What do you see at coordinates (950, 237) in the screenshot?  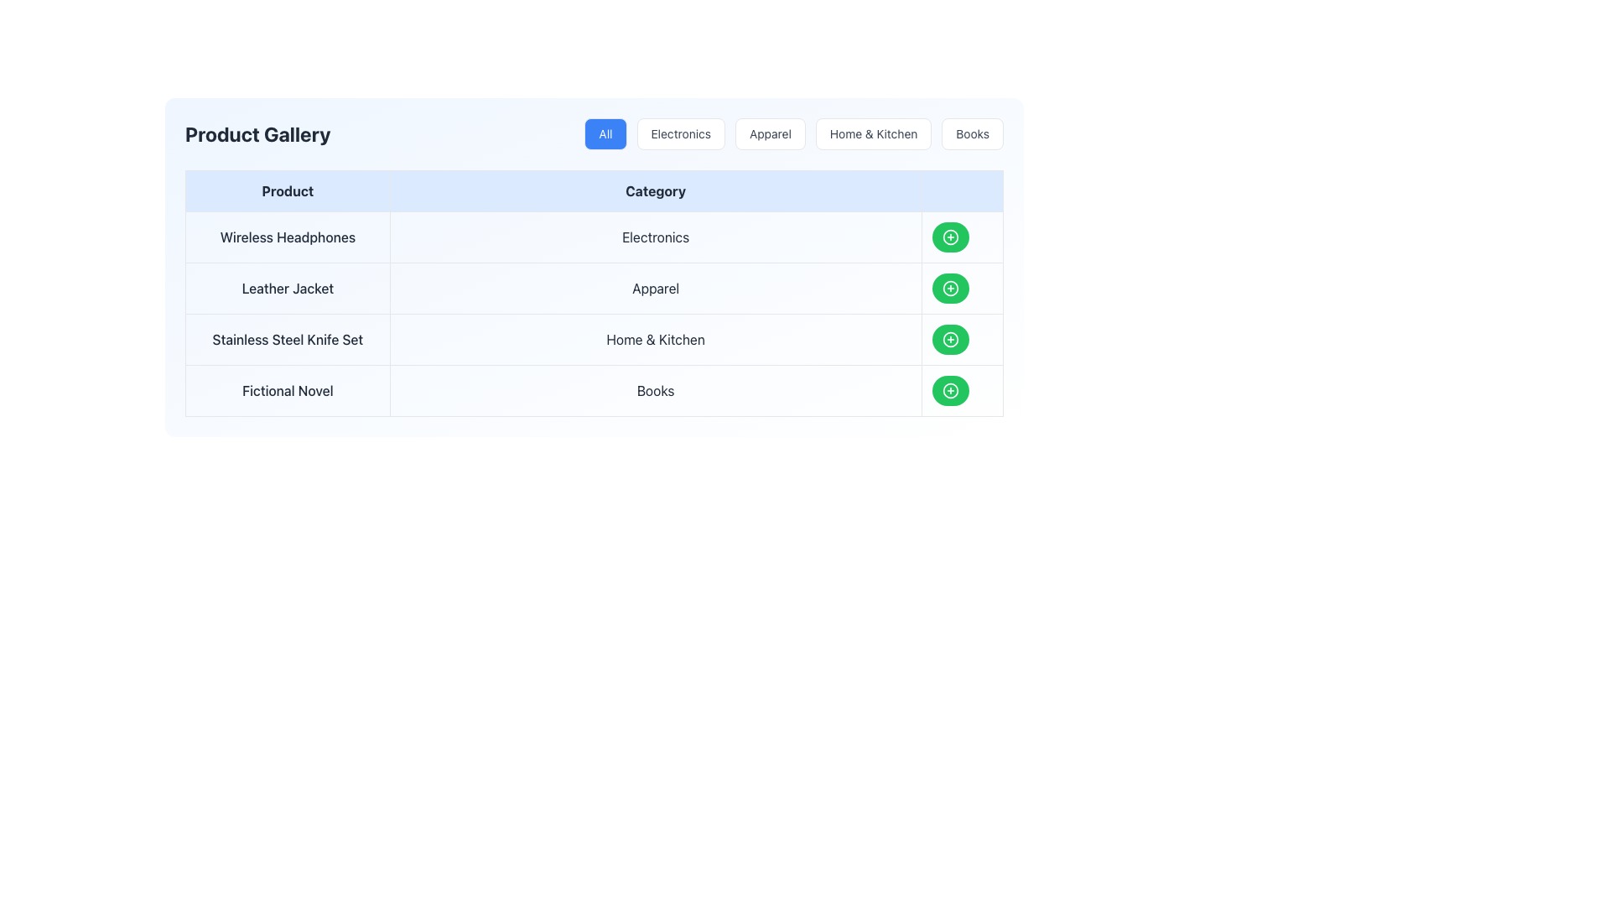 I see `the add button located under the 'Category' column adjacent to the 'Electronics' entry` at bounding box center [950, 237].